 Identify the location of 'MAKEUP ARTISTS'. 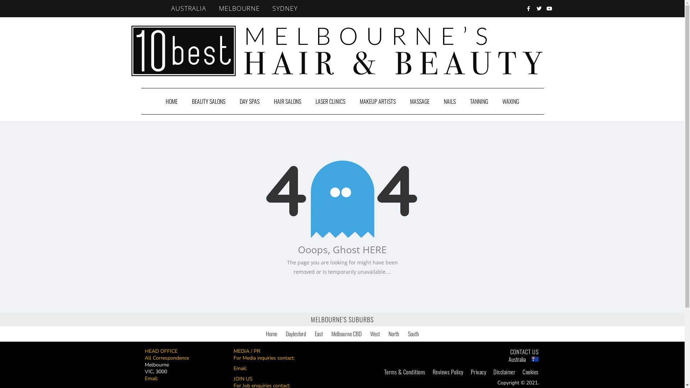
(377, 101).